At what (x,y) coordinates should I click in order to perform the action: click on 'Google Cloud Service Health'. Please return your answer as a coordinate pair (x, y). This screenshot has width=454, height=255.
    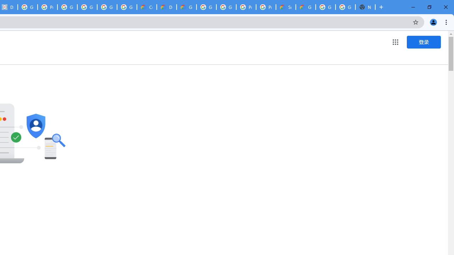
    Looking at the image, I should click on (306, 7).